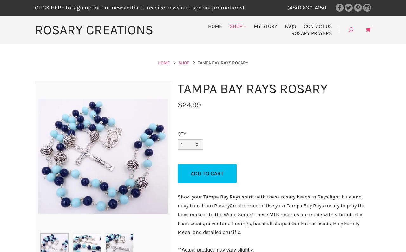  Describe the element at coordinates (287, 7) in the screenshot. I see `'(480) 630-4150'` at that location.